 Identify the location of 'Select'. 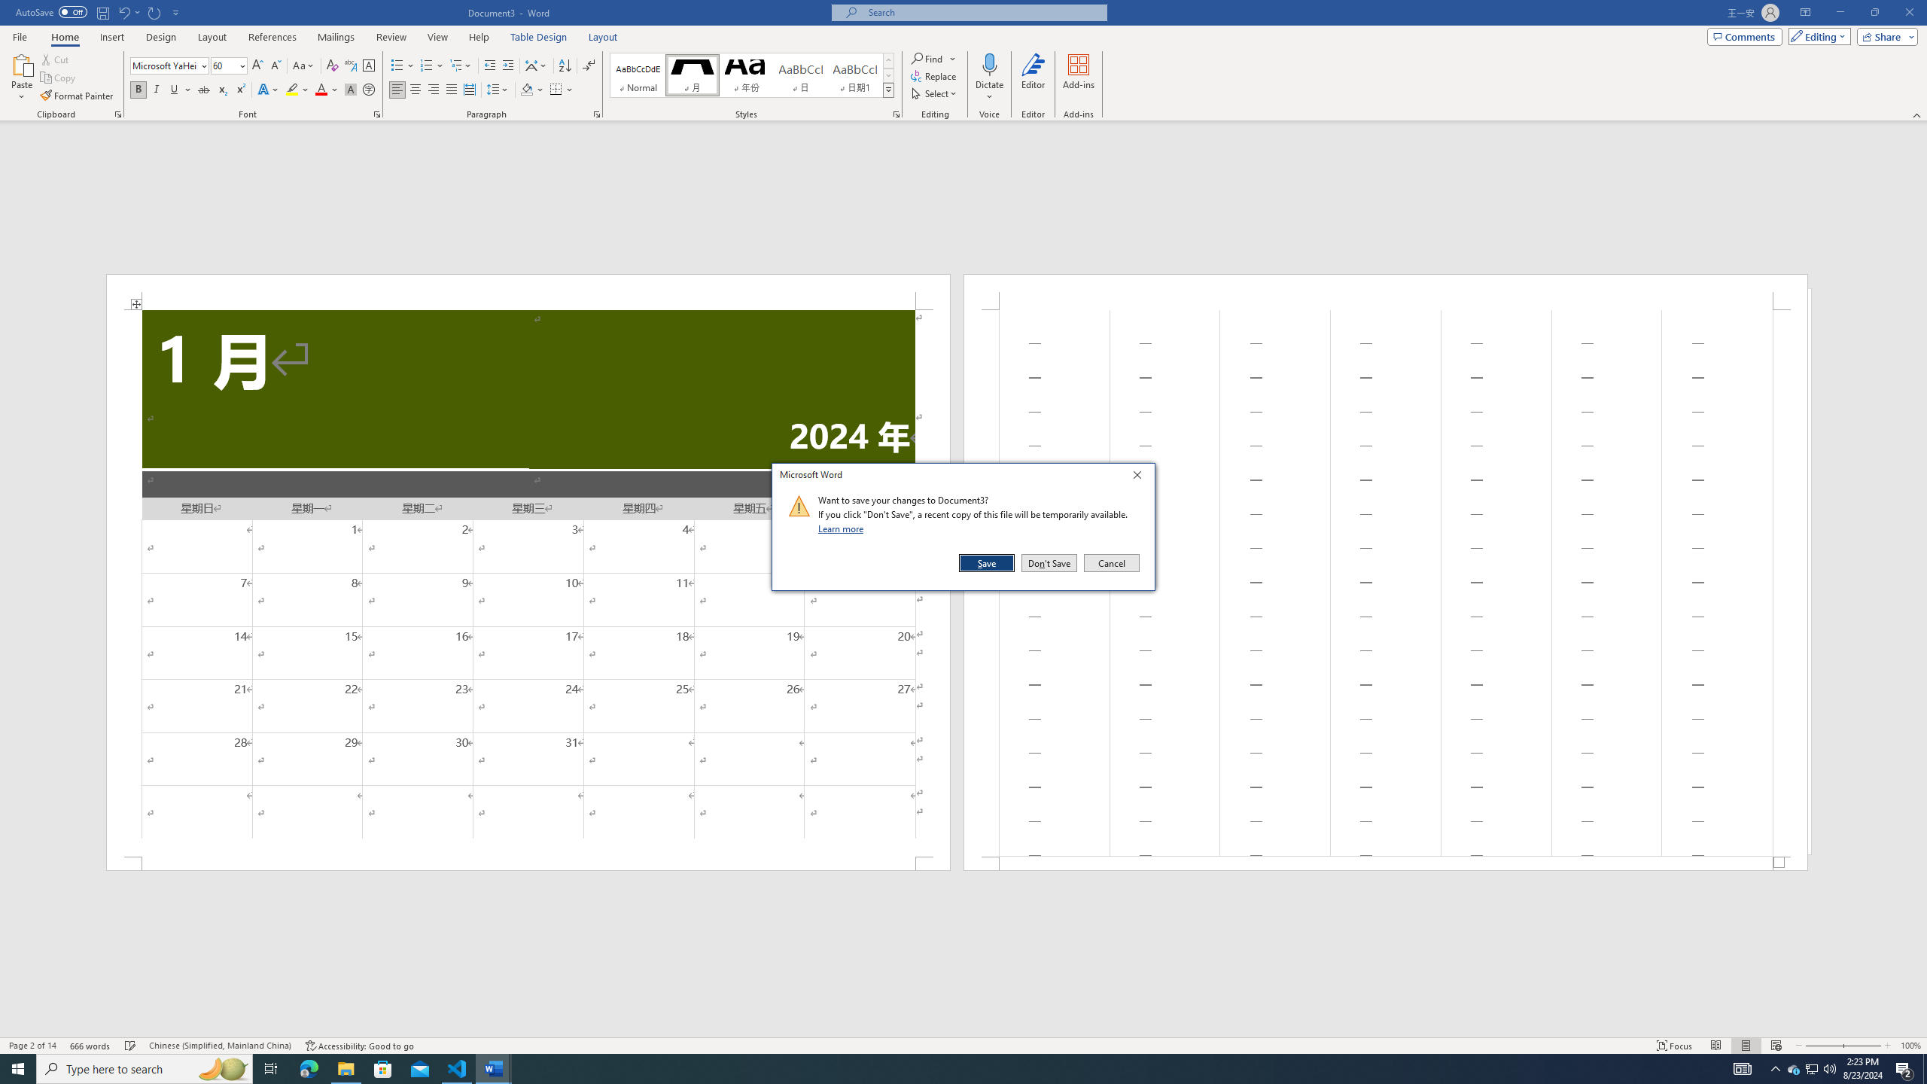
(933, 92).